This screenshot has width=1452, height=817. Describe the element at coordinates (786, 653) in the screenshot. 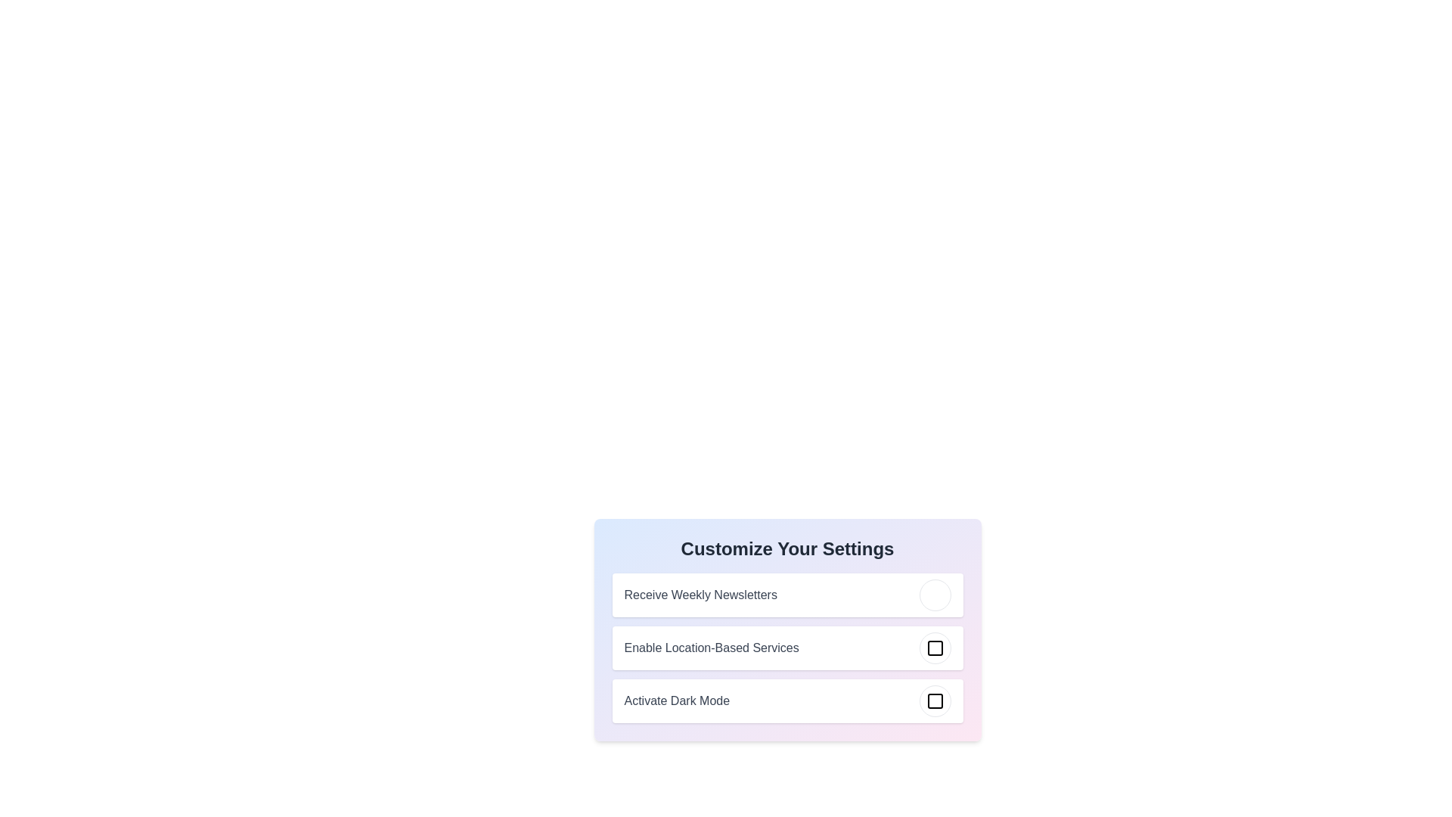

I see `on the second toggle option labeled 'Enable Location-Based Services' within the settings panel` at that location.